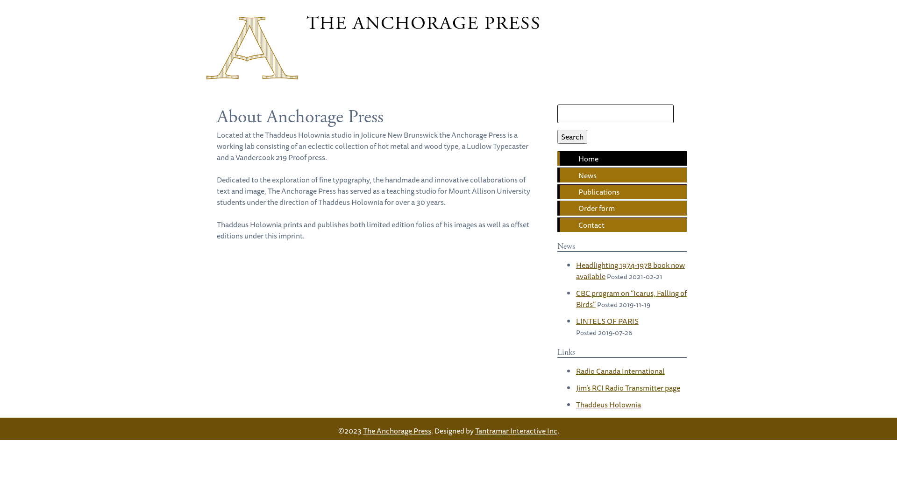 This screenshot has height=504, width=897. I want to click on 'Thaddeus Holownia', so click(576, 404).